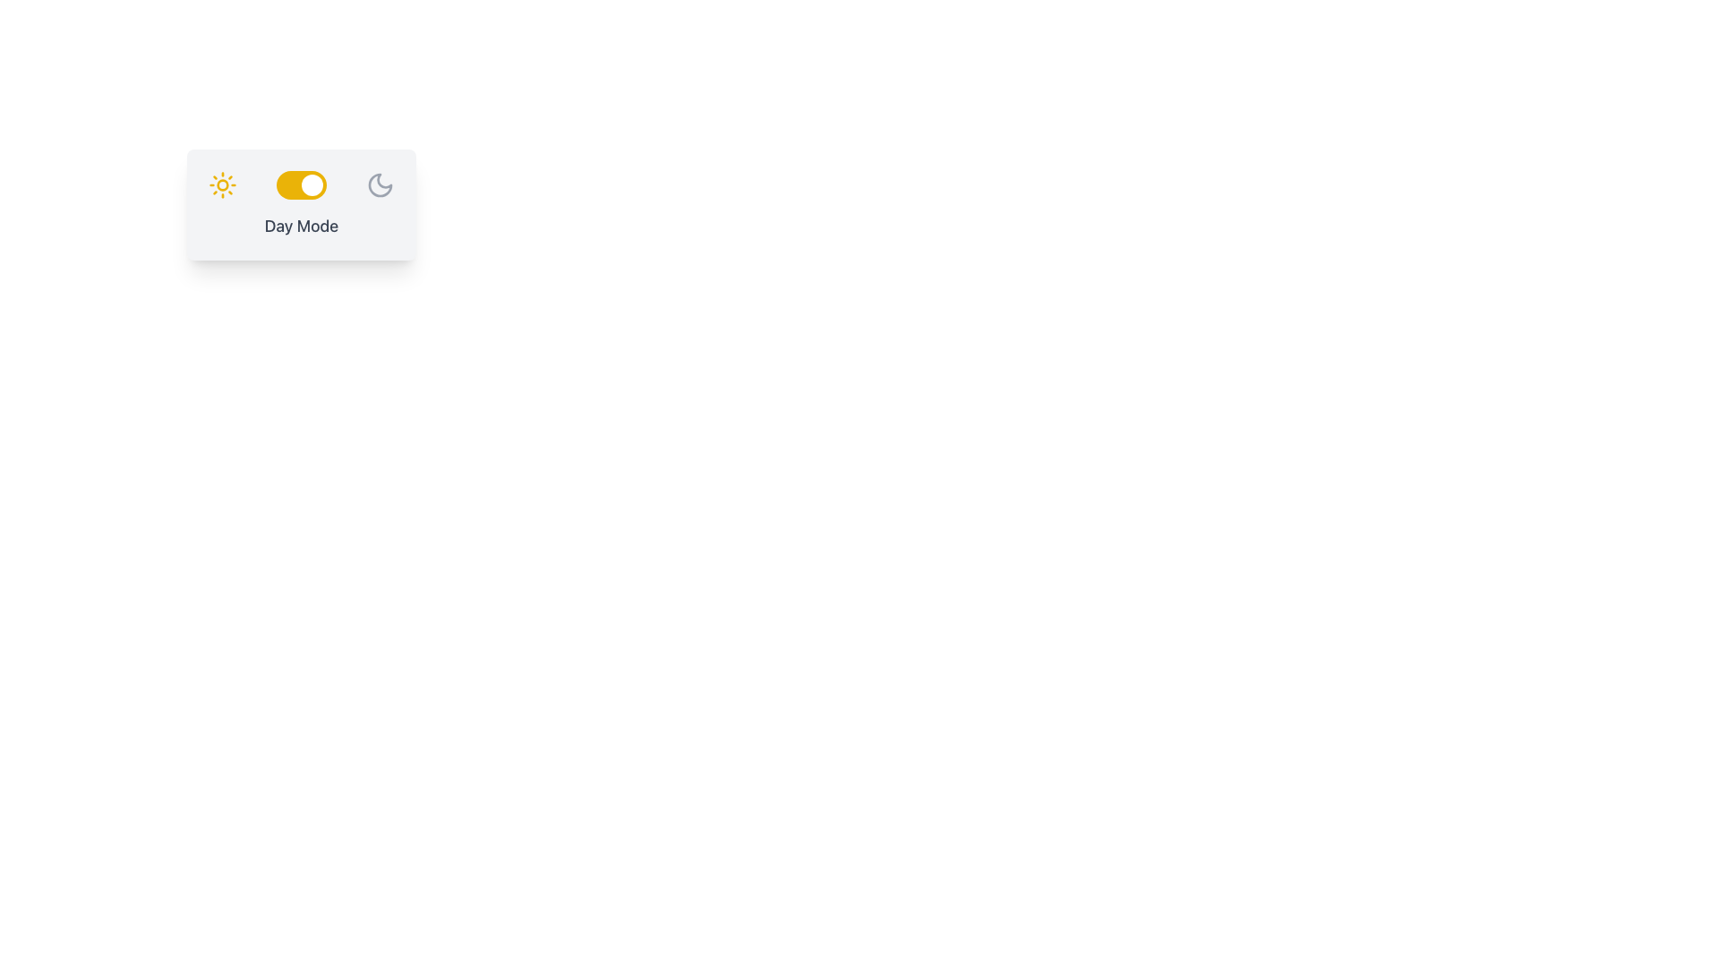 Image resolution: width=1719 pixels, height=967 pixels. I want to click on the moon-shaped icon, which is a solid gray crescent located within a circular boundary and positioned to the far right of the panel, so click(380, 185).